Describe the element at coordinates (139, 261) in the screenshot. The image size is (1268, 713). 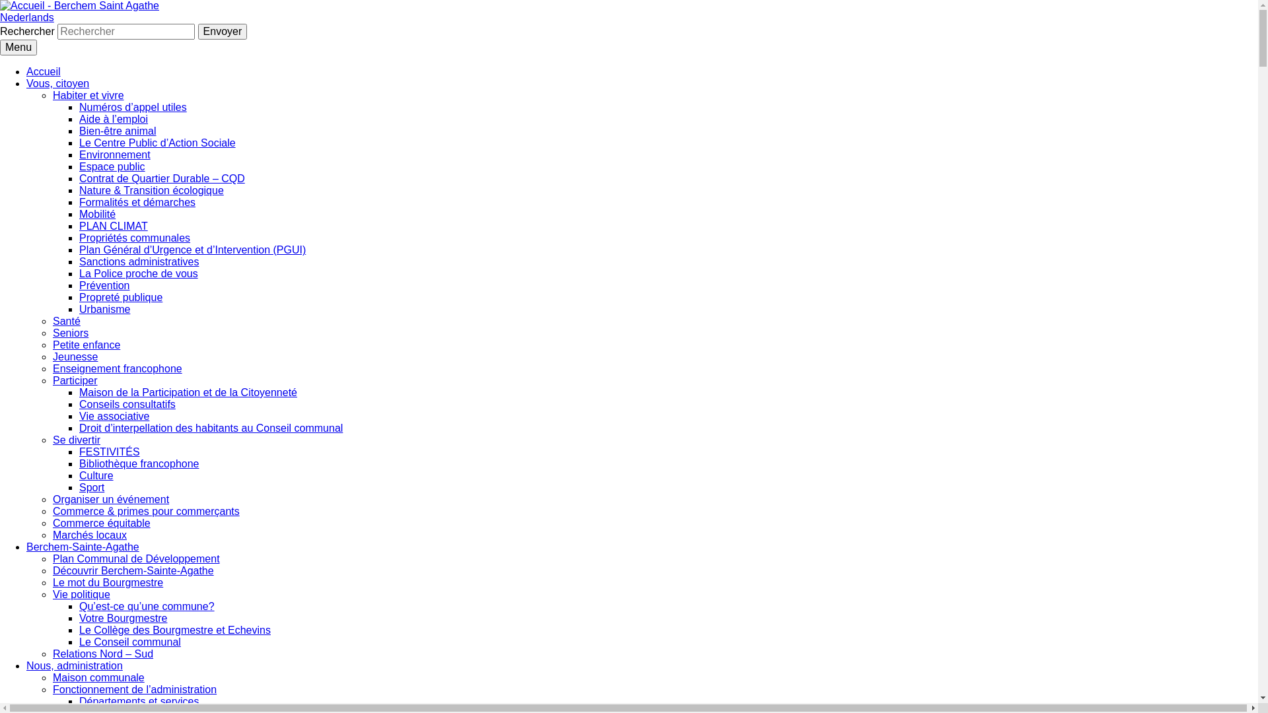
I see `'Sanctions administratives'` at that location.